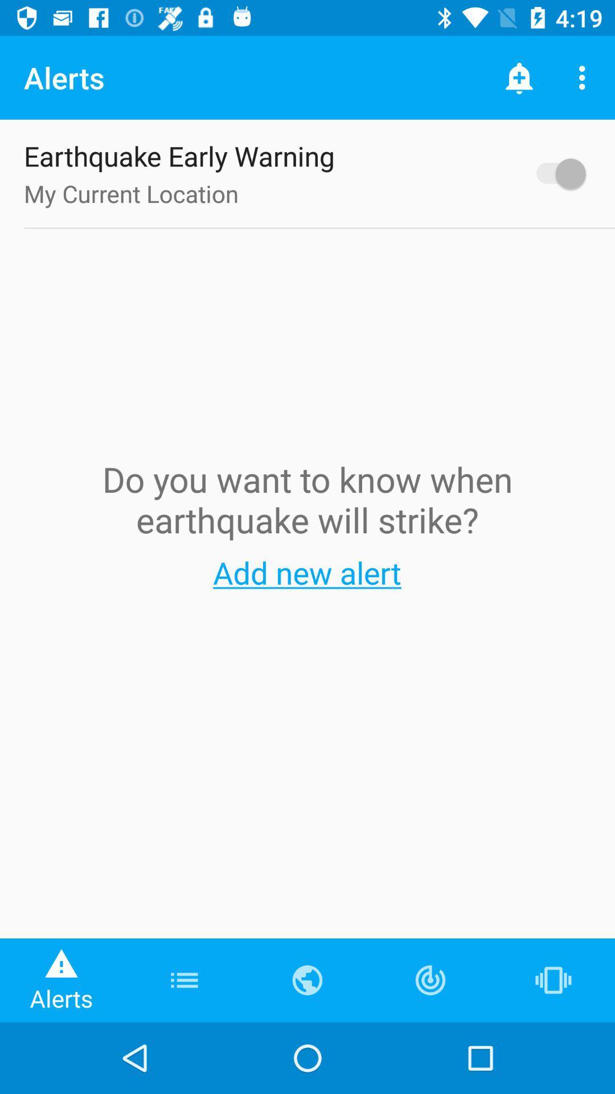 This screenshot has height=1094, width=615. Describe the element at coordinates (555, 173) in the screenshot. I see `the icon next to the earthquake early warning` at that location.